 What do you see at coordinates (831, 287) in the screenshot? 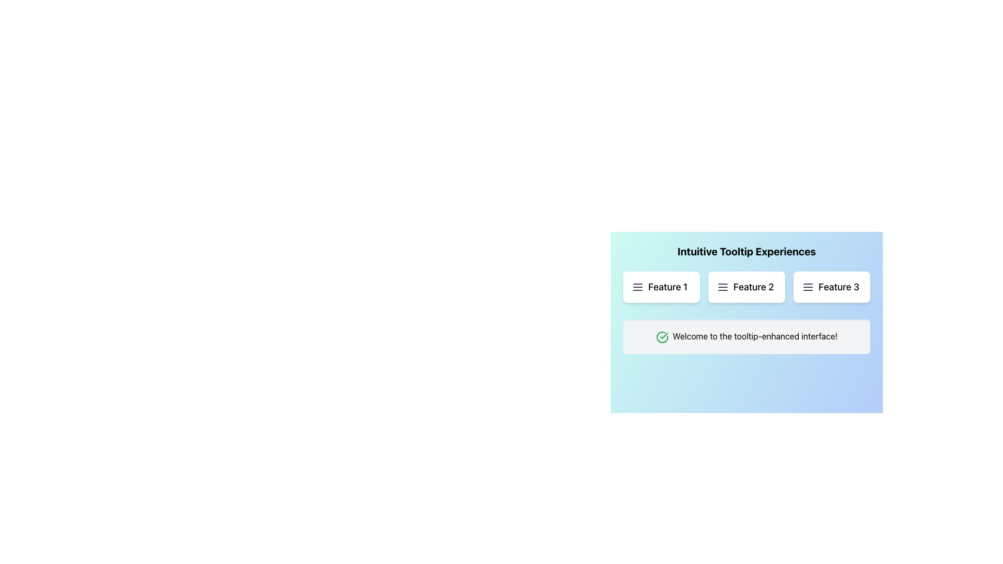
I see `the 'Feature 3' label with the accompanying menu icon` at bounding box center [831, 287].